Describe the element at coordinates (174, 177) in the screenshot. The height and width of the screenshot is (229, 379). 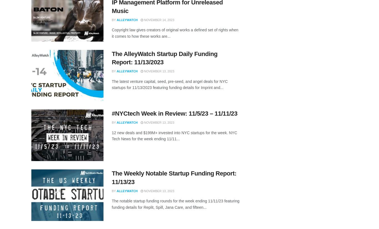
I see `'The Weekly Notable Startup Funding Report: 11/13/23'` at that location.